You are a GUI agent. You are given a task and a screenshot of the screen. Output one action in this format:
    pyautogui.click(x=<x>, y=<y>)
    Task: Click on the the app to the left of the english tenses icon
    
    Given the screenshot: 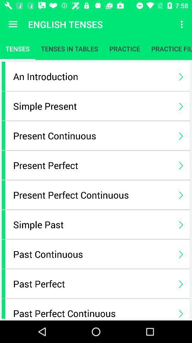 What is the action you would take?
    pyautogui.click(x=13, y=24)
    